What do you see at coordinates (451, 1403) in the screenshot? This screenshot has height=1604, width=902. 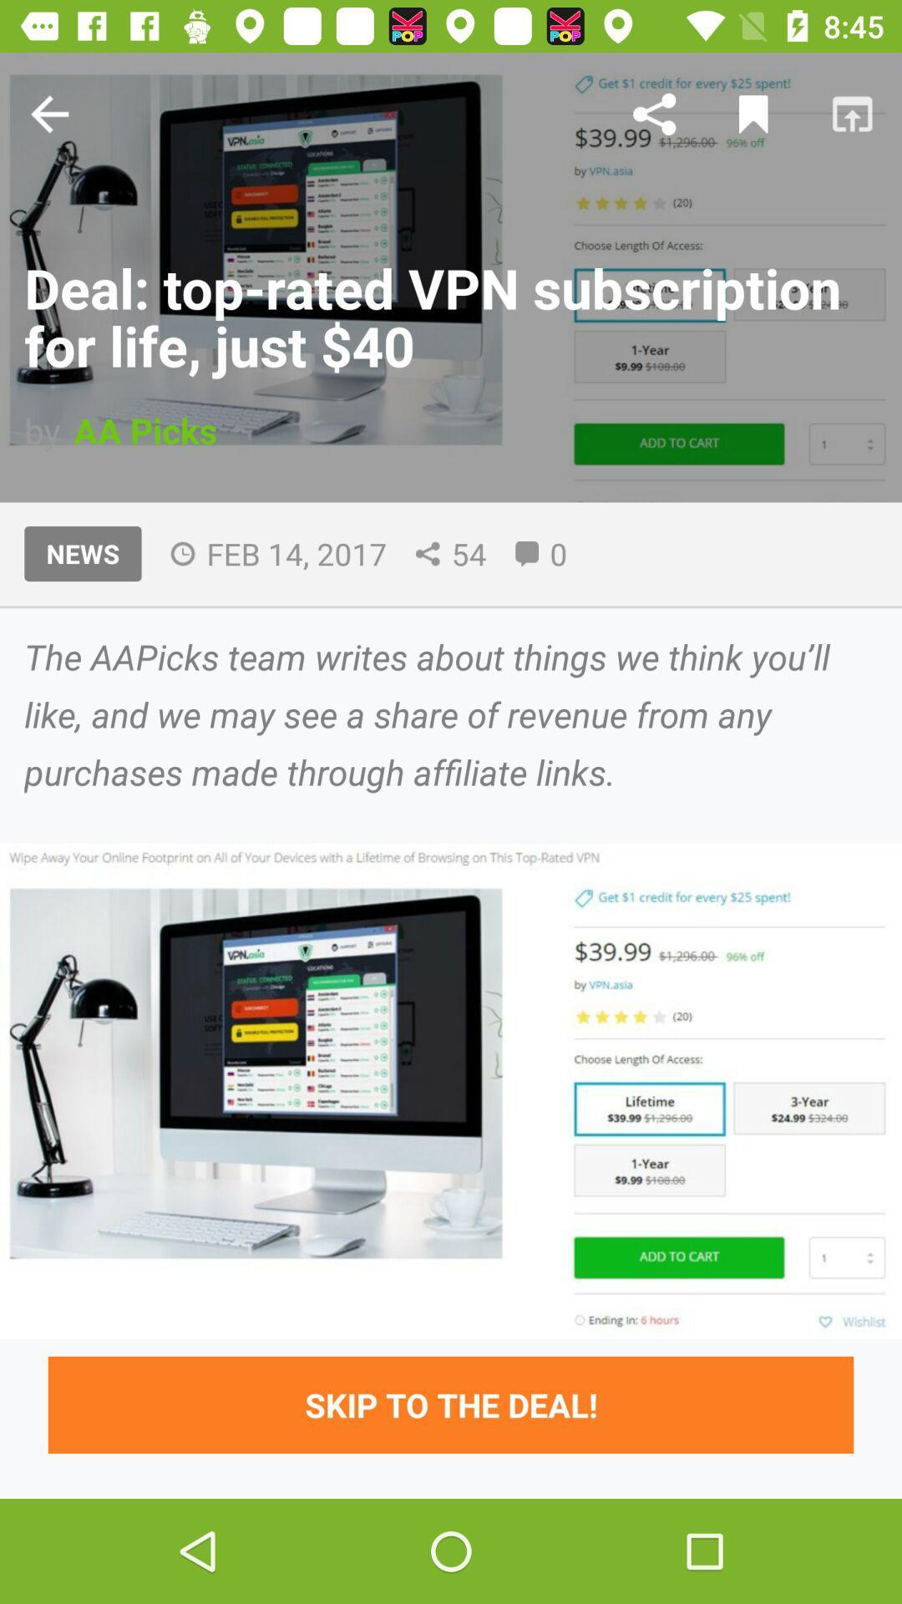 I see `skip to the item` at bounding box center [451, 1403].